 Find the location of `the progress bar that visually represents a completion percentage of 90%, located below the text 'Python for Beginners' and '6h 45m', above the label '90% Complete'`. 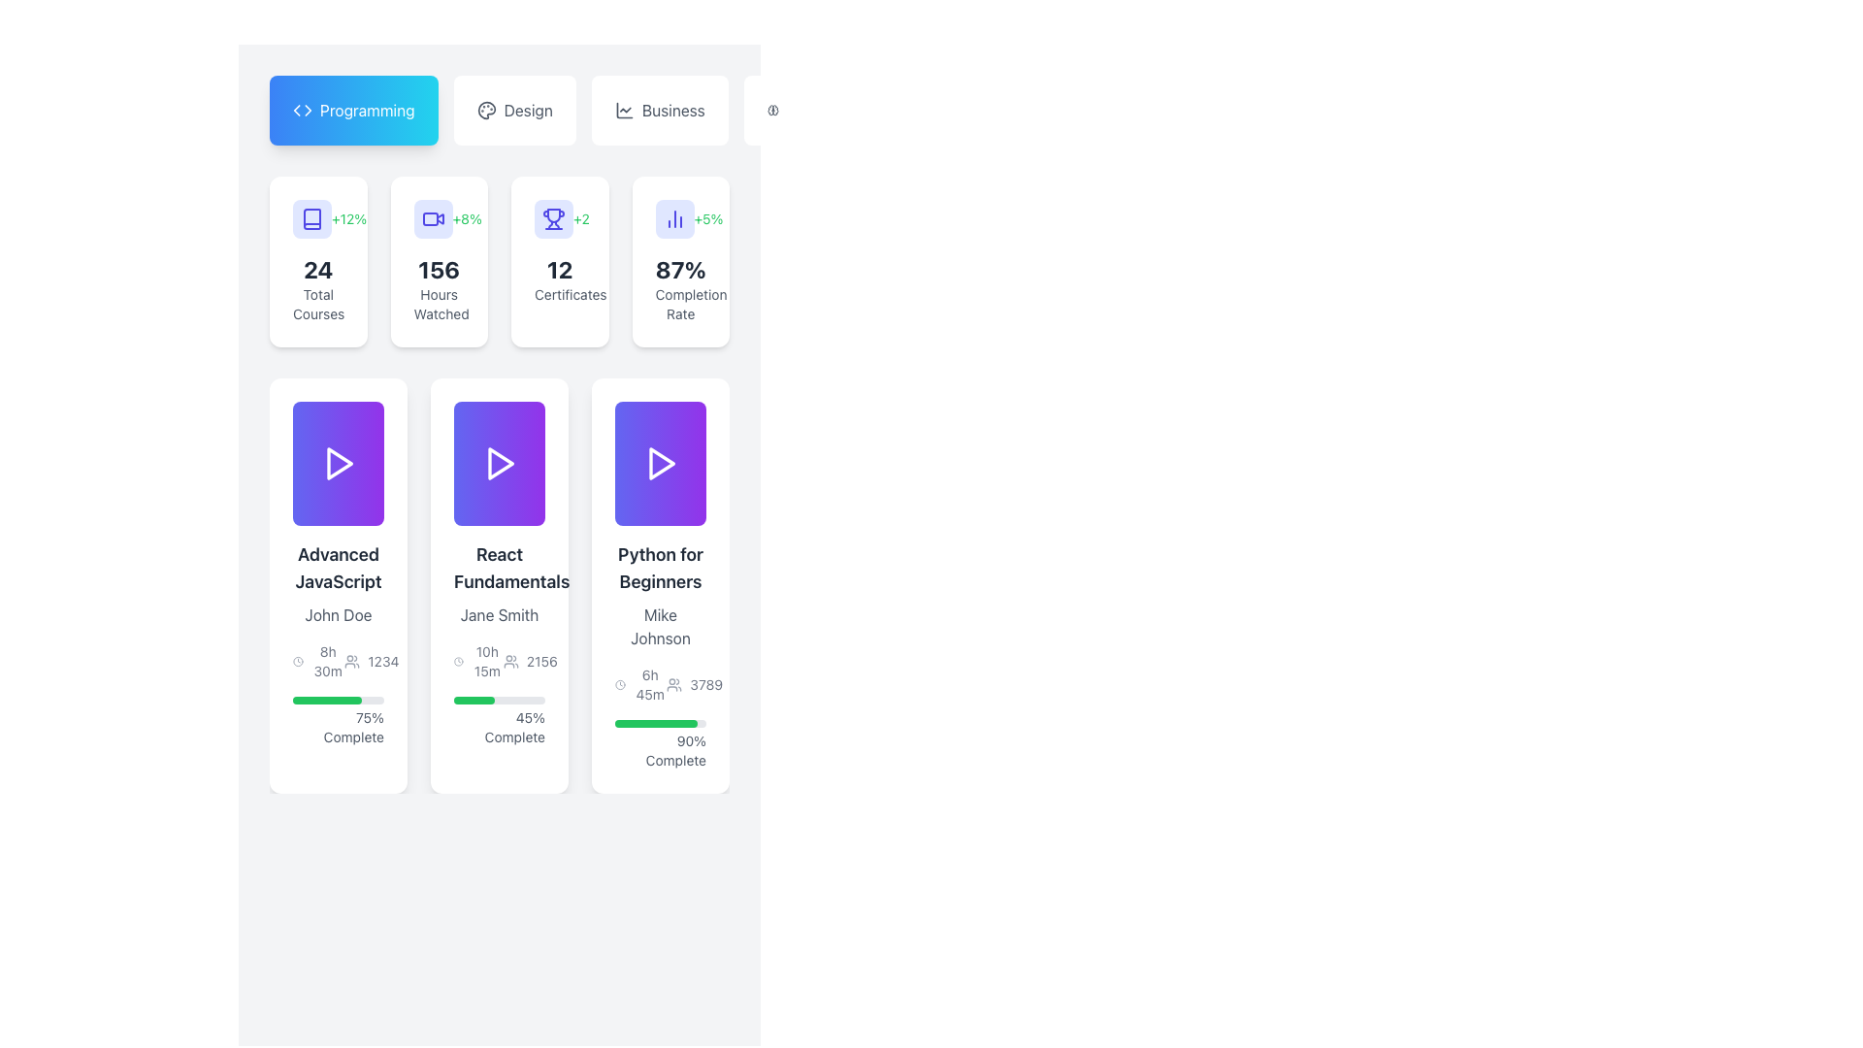

the progress bar that visually represents a completion percentage of 90%, located below the text 'Python for Beginners' and '6h 45m', above the label '90% Complete' is located at coordinates (661, 723).